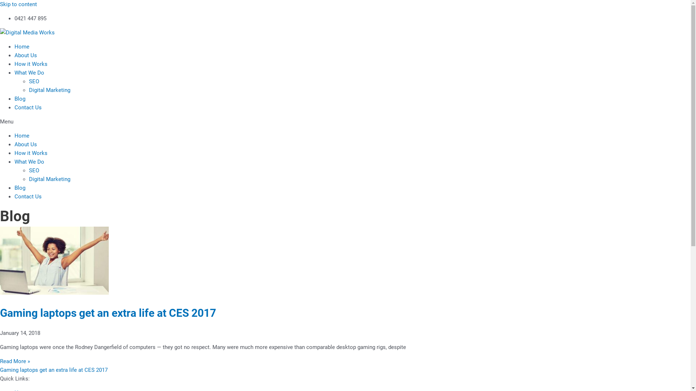 This screenshot has width=696, height=391. What do you see at coordinates (14, 135) in the screenshot?
I see `'Home'` at bounding box center [14, 135].